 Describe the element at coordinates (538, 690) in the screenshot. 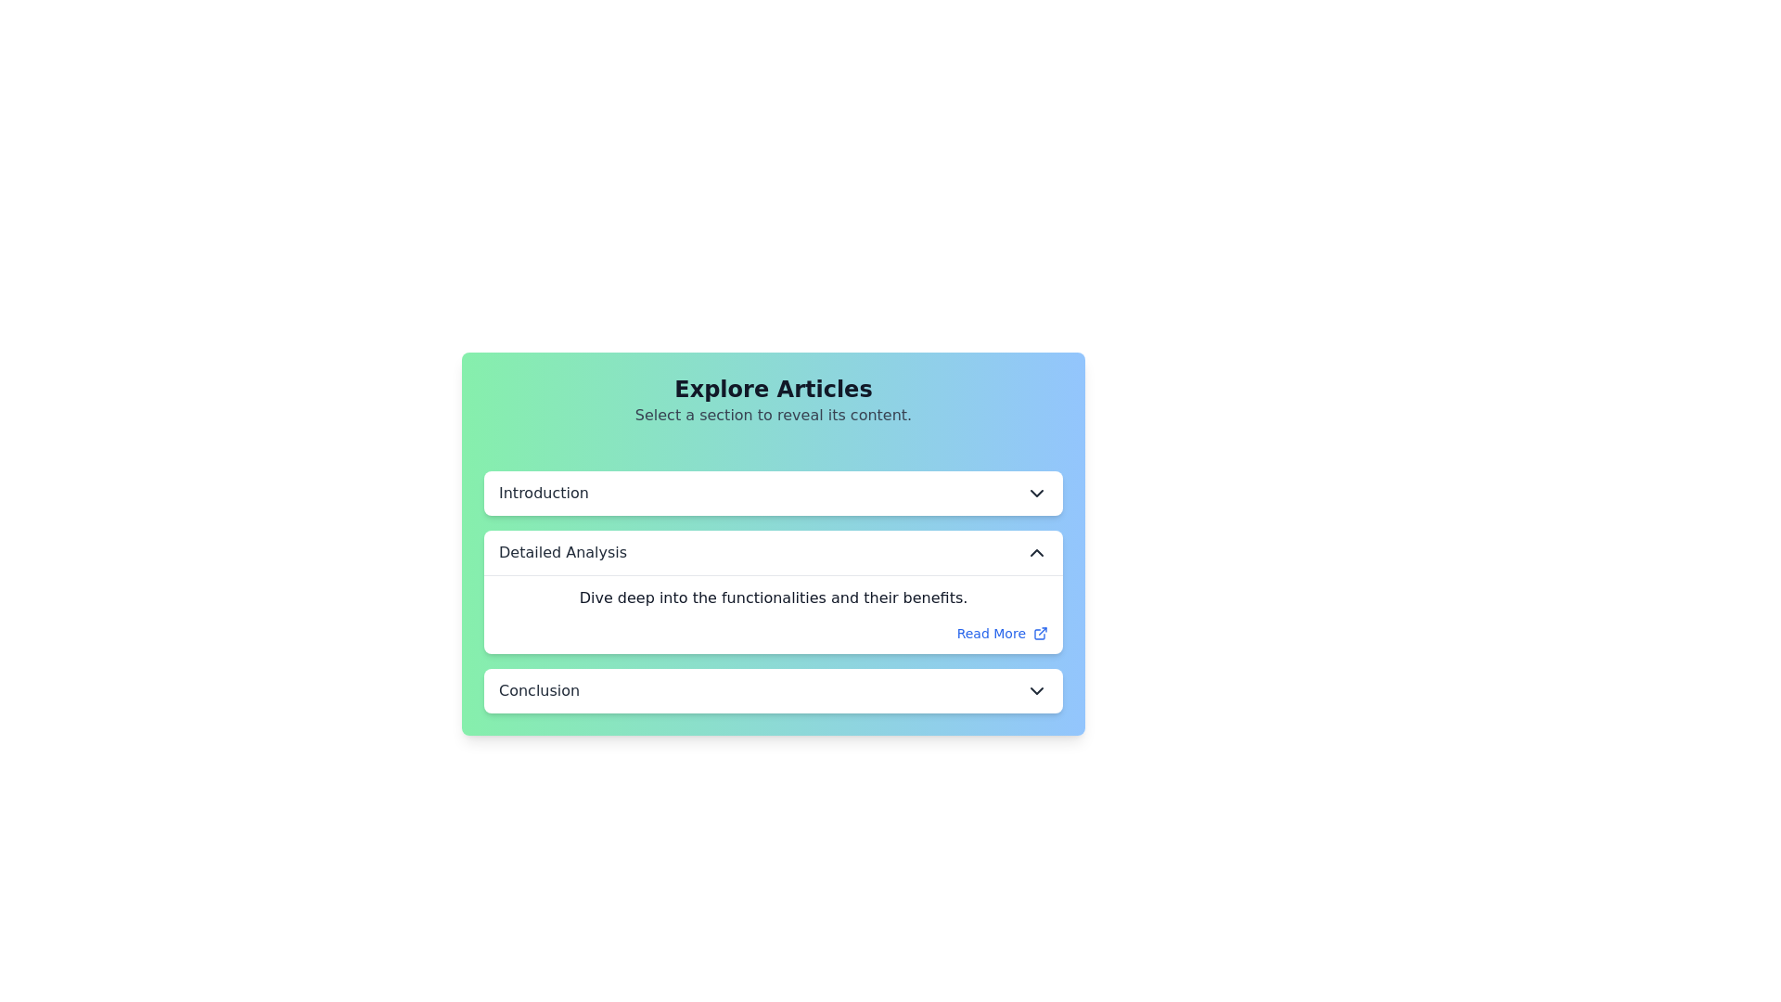

I see `text content of the 'Conclusion' label, which is displayed in a bold font and is part of the menu section located below a gradient background` at that location.